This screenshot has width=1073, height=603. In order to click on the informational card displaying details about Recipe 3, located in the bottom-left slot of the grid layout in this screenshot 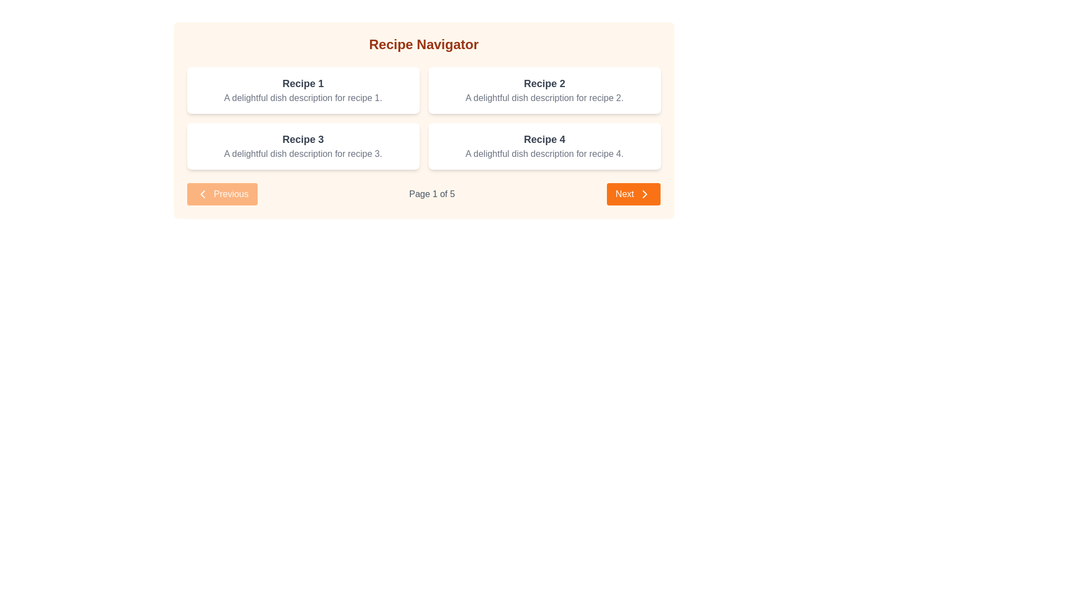, I will do `click(303, 146)`.